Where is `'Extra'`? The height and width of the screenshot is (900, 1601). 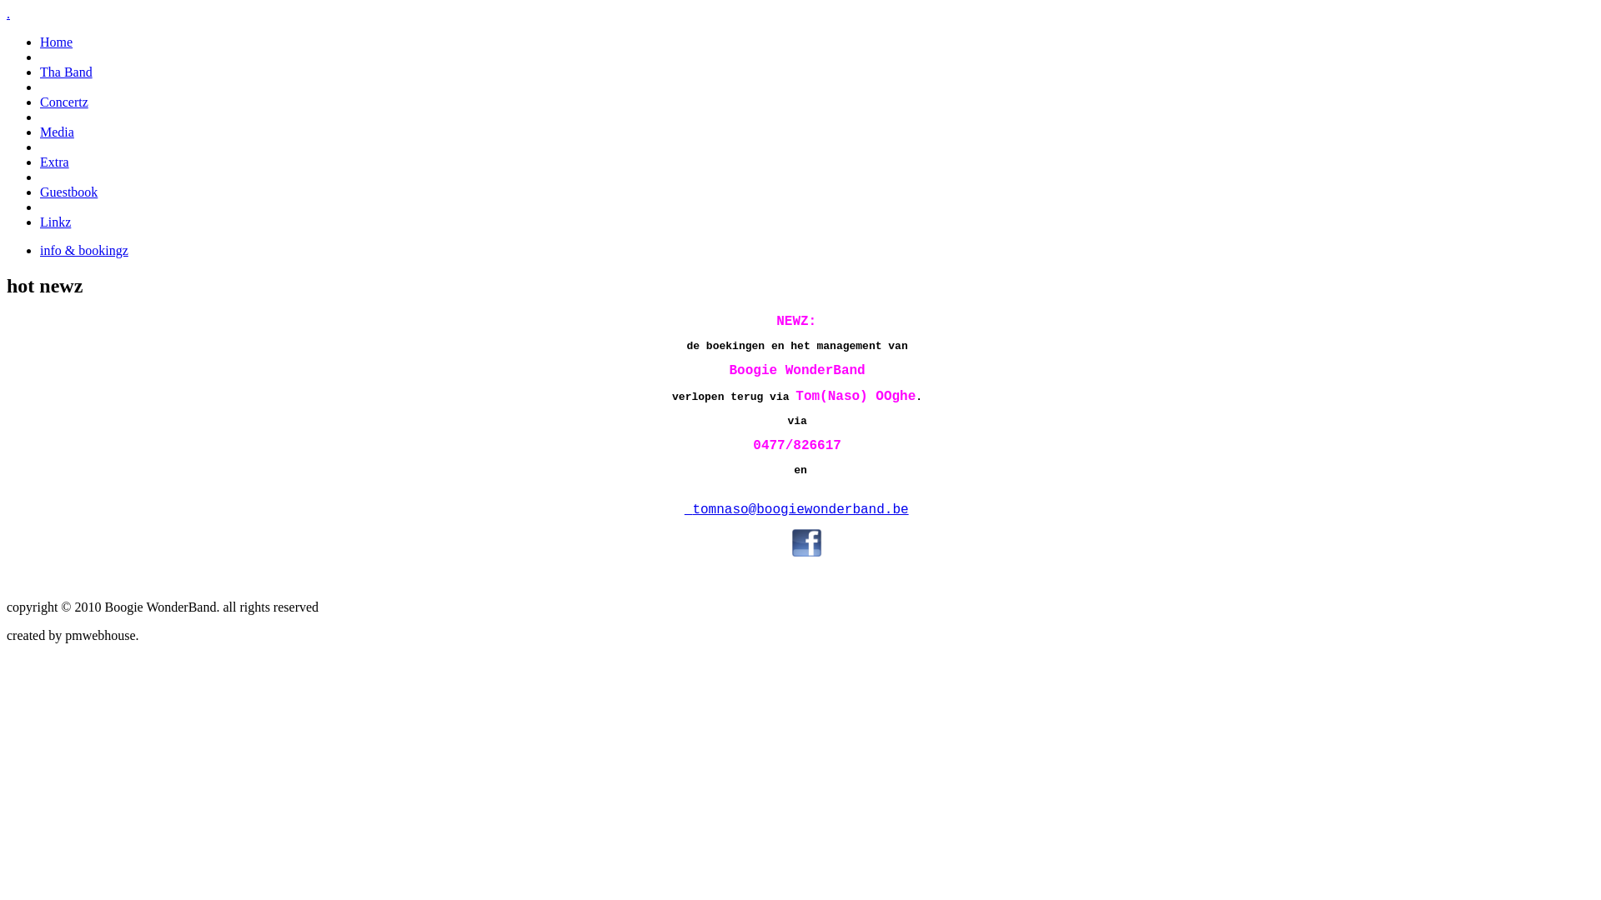
'Extra' is located at coordinates (40, 162).